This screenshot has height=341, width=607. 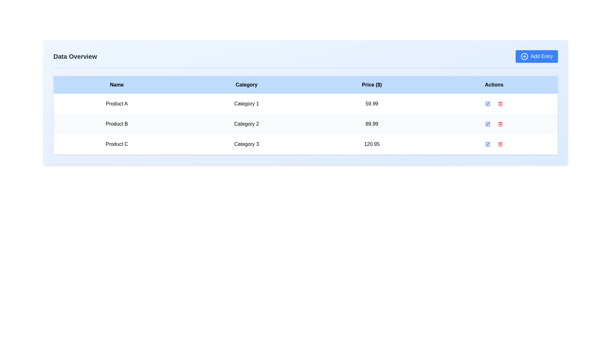 What do you see at coordinates (488, 103) in the screenshot?
I see `the icon representing the editing action in the 'Actions' column of the first row following 'Product A'` at bounding box center [488, 103].